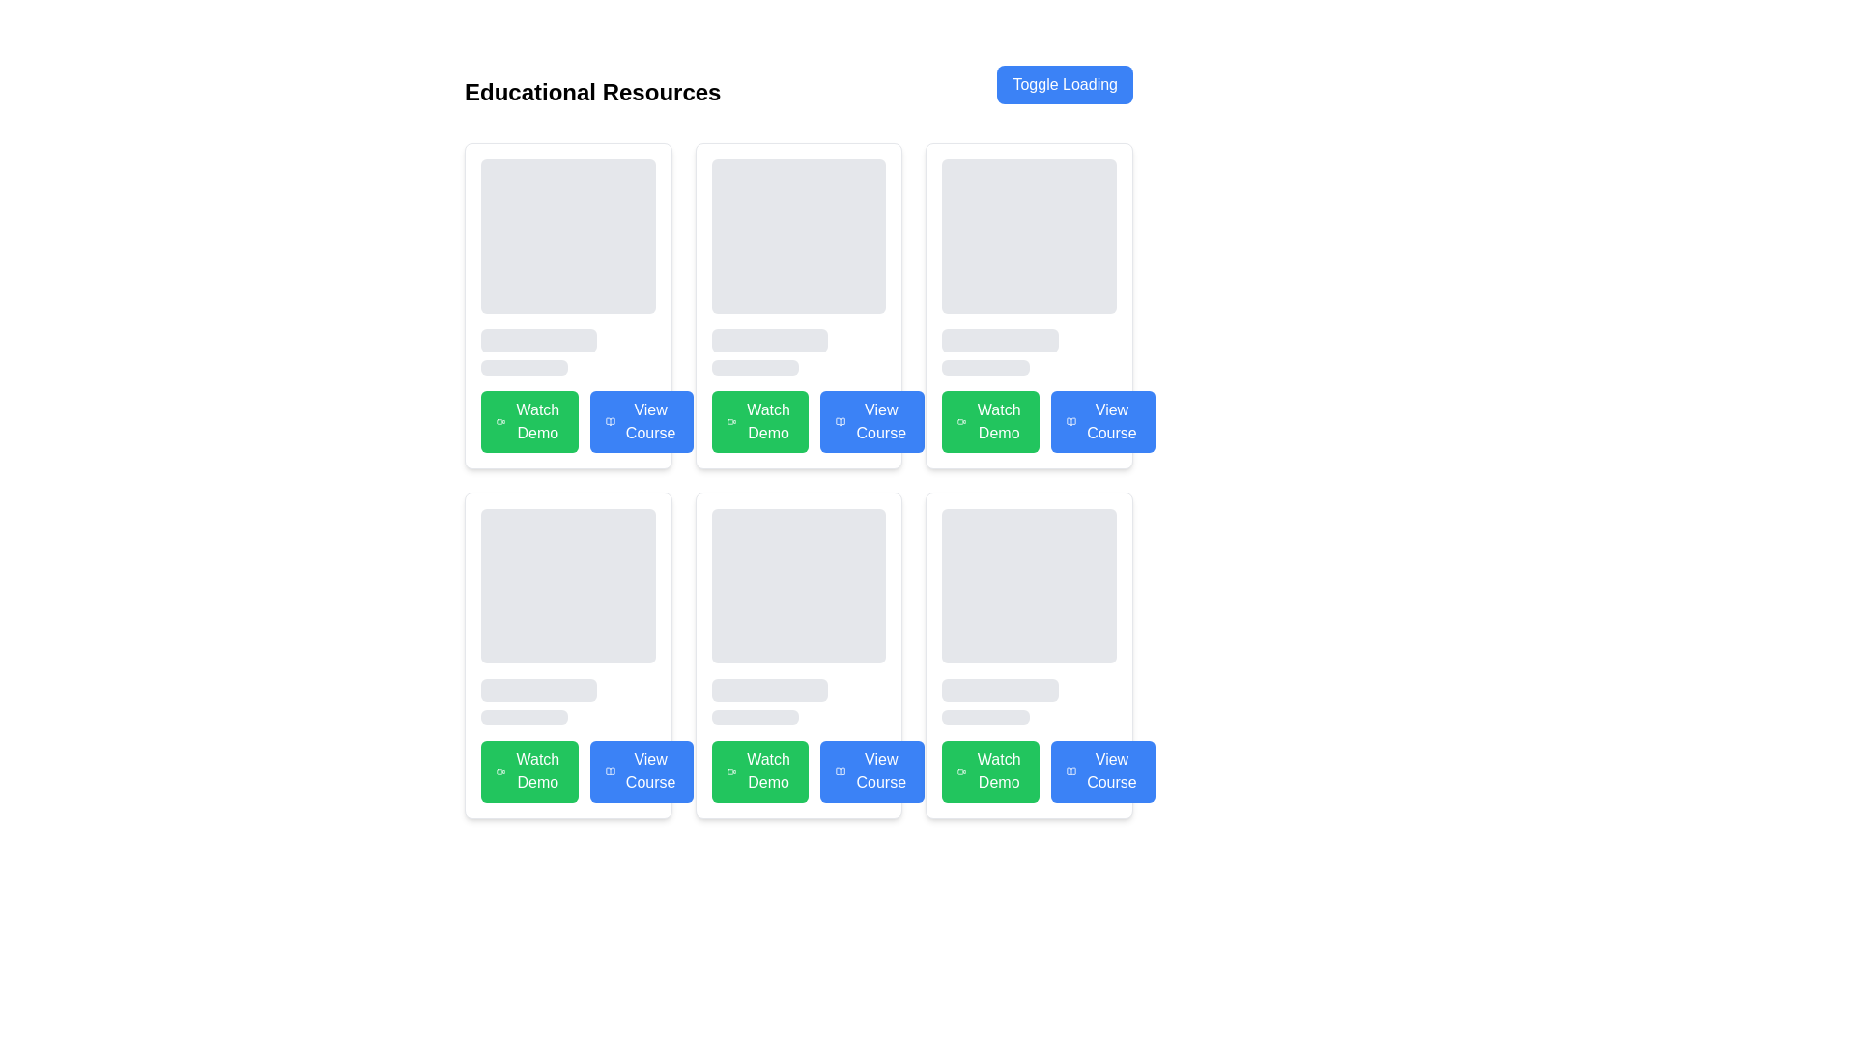 The image size is (1855, 1043). I want to click on the gray rectangular placeholder block with rounded corners located in the center column of the second row in the grid layout, so click(798, 584).